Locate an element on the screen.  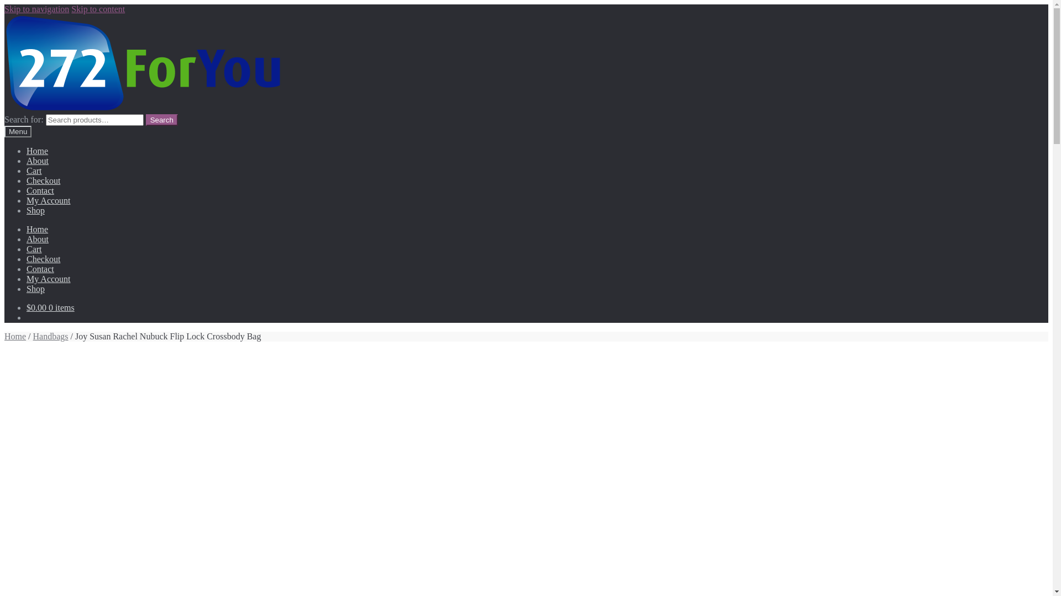
'Cart' is located at coordinates (34, 171).